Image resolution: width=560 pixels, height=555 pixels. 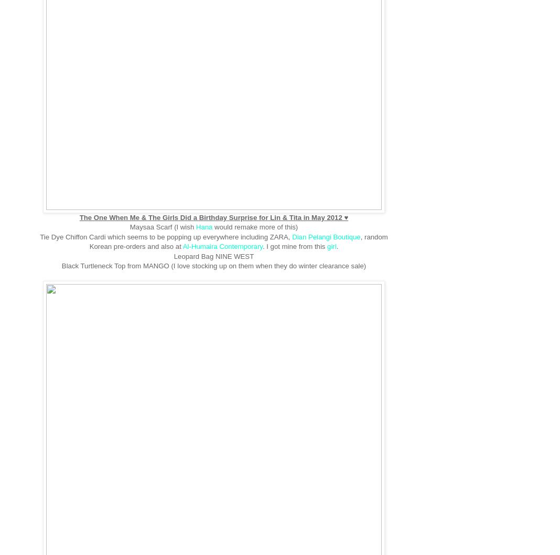 I want to click on 'would remake more of this)', so click(x=256, y=226).